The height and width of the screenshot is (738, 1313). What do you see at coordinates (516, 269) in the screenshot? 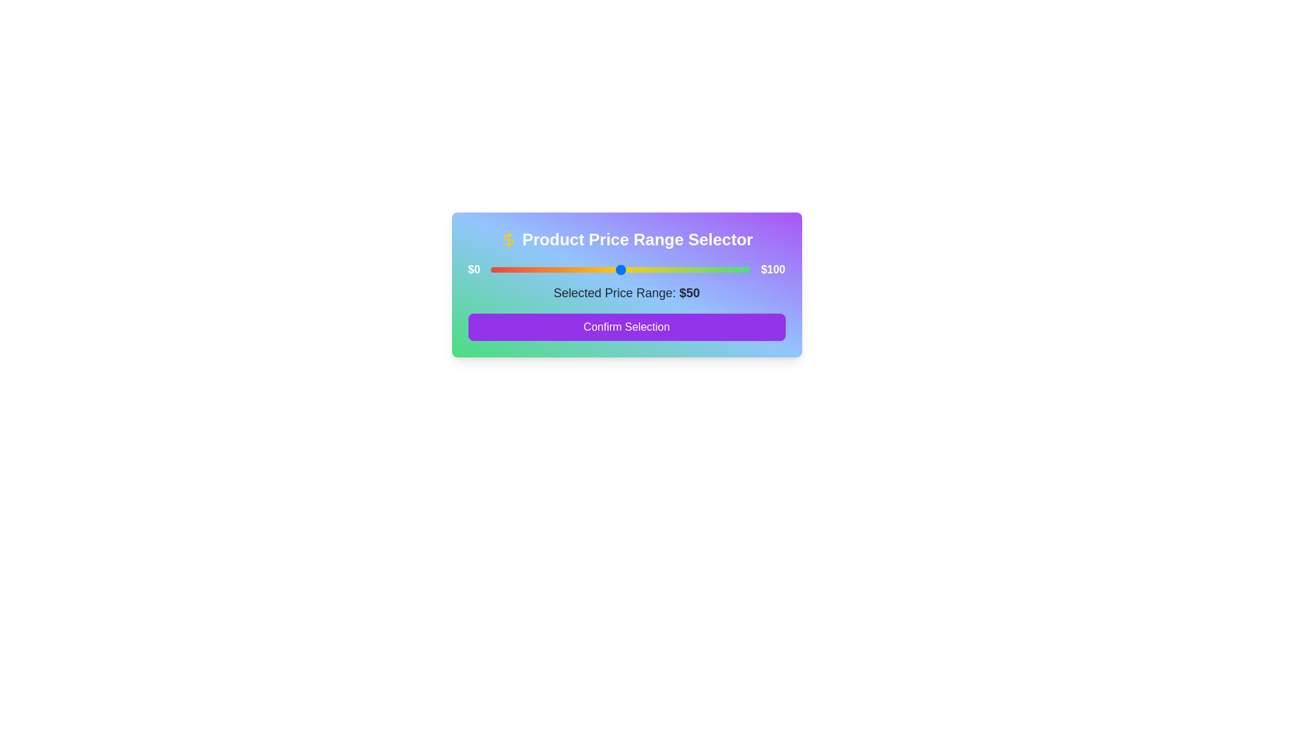
I see `the price range slider to set the value to 10` at bounding box center [516, 269].